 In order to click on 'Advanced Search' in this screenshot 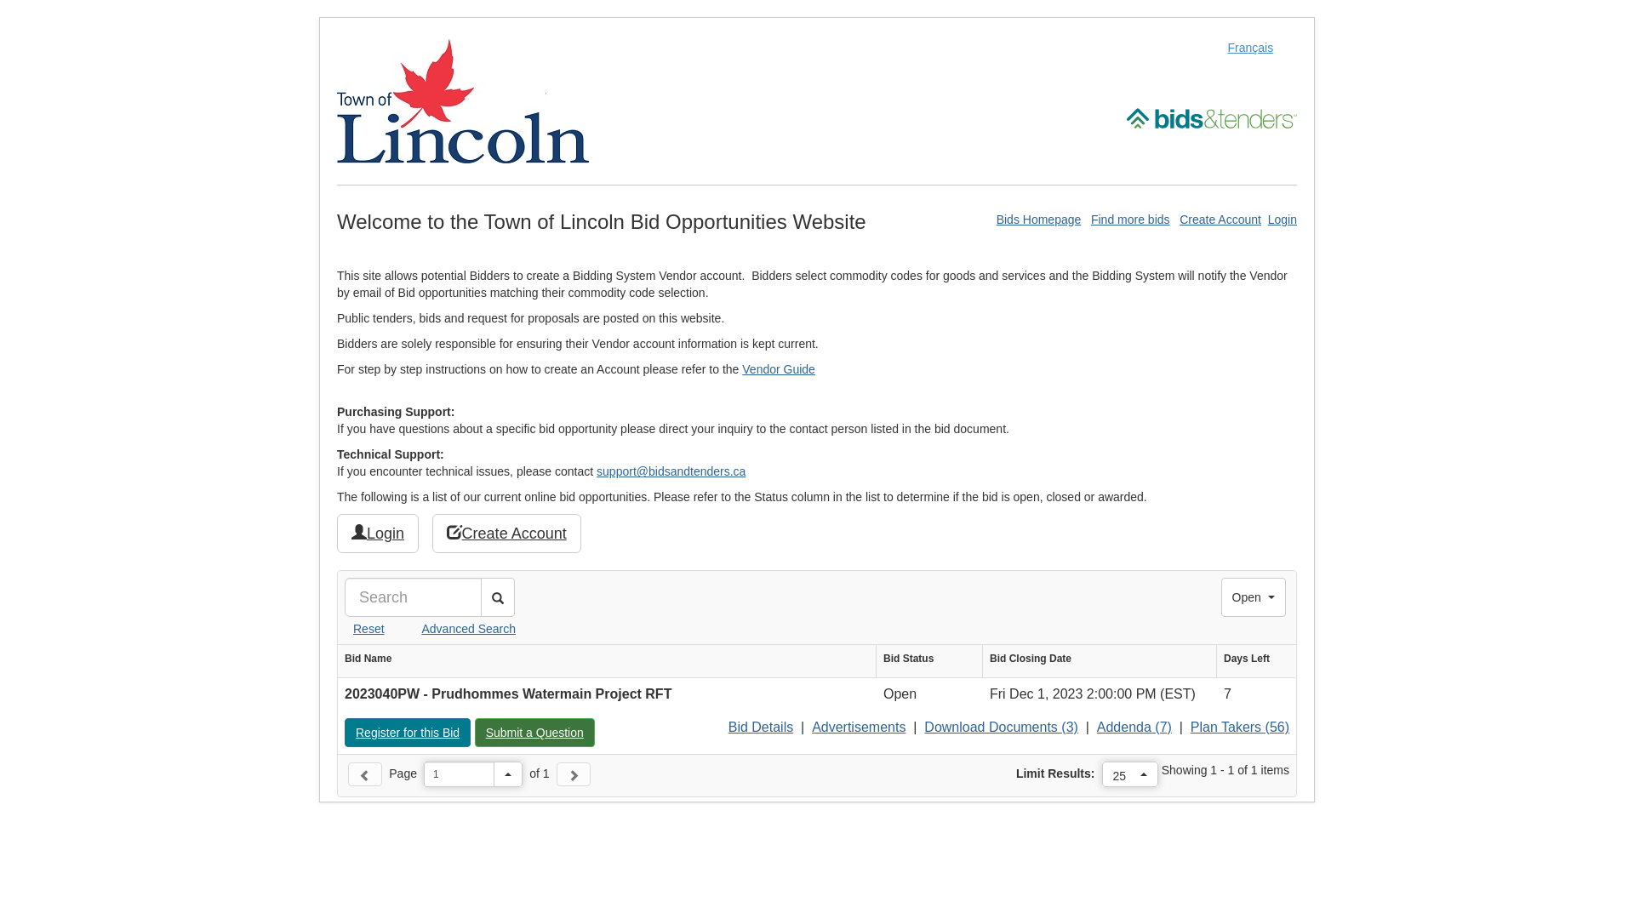, I will do `click(386, 629)`.